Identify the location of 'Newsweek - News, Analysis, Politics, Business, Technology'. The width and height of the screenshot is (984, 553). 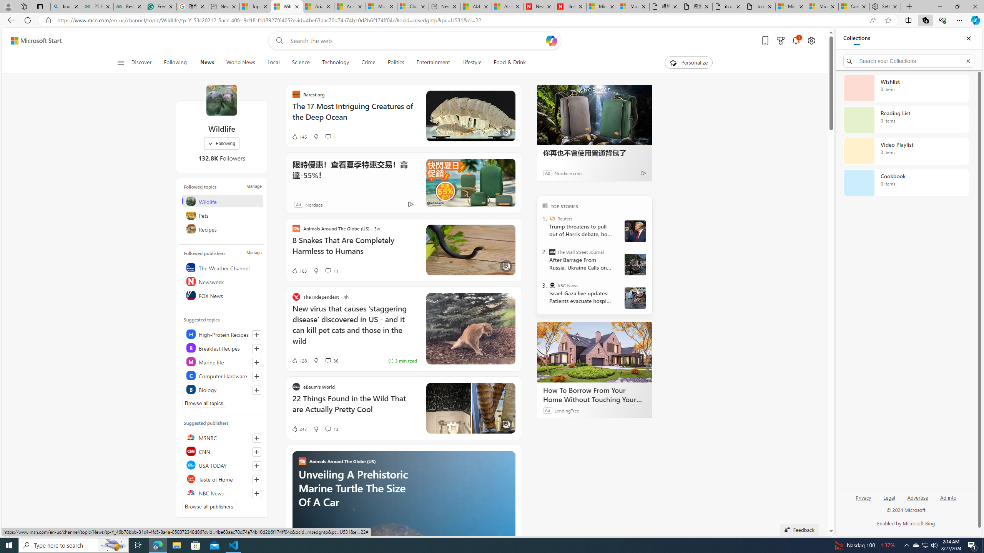
(539, 6).